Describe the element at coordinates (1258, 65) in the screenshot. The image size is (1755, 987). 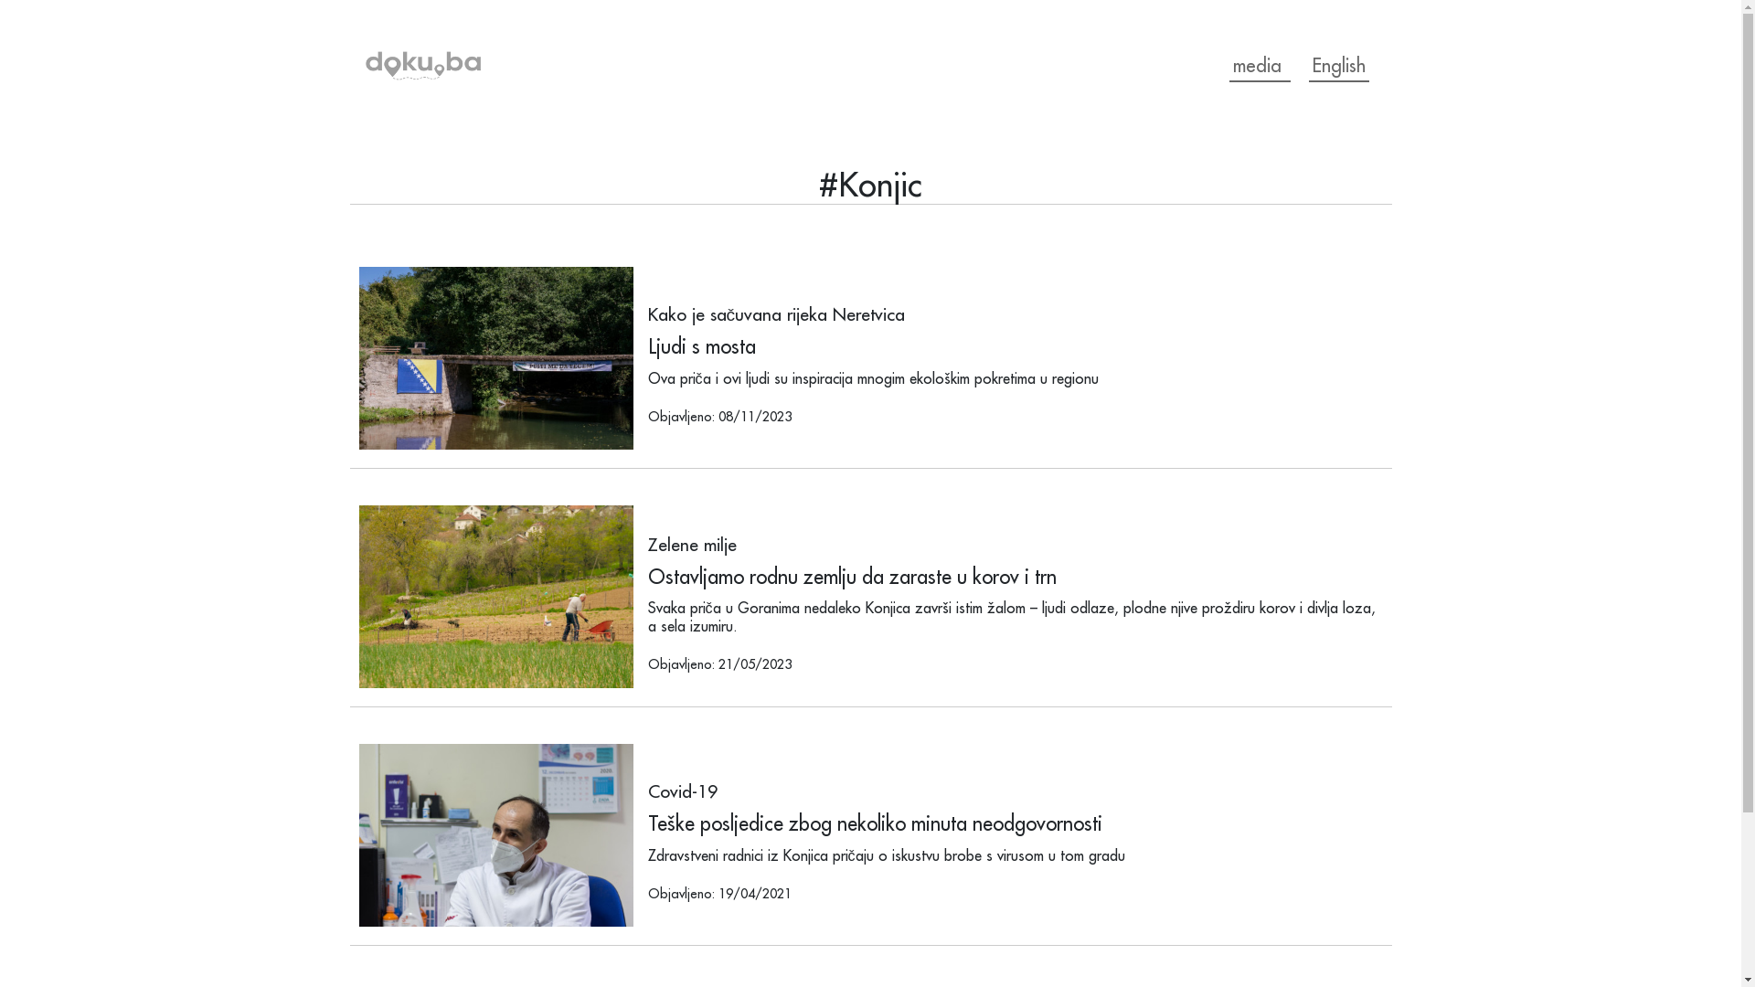
I see `'media'` at that location.